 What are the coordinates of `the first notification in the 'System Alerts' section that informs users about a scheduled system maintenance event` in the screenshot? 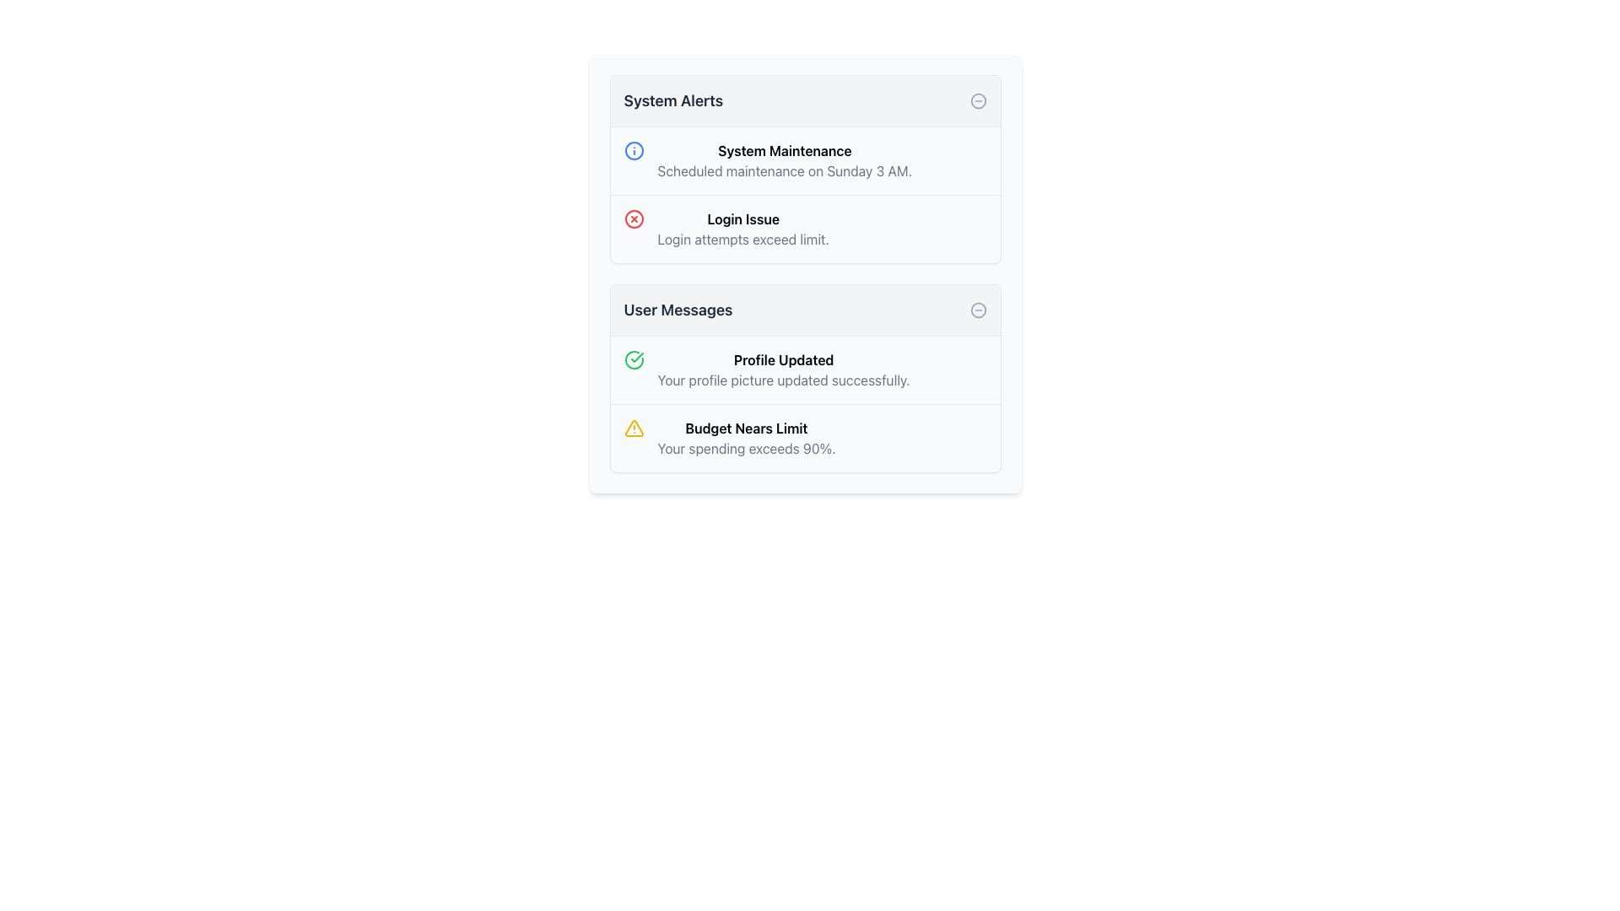 It's located at (804, 161).